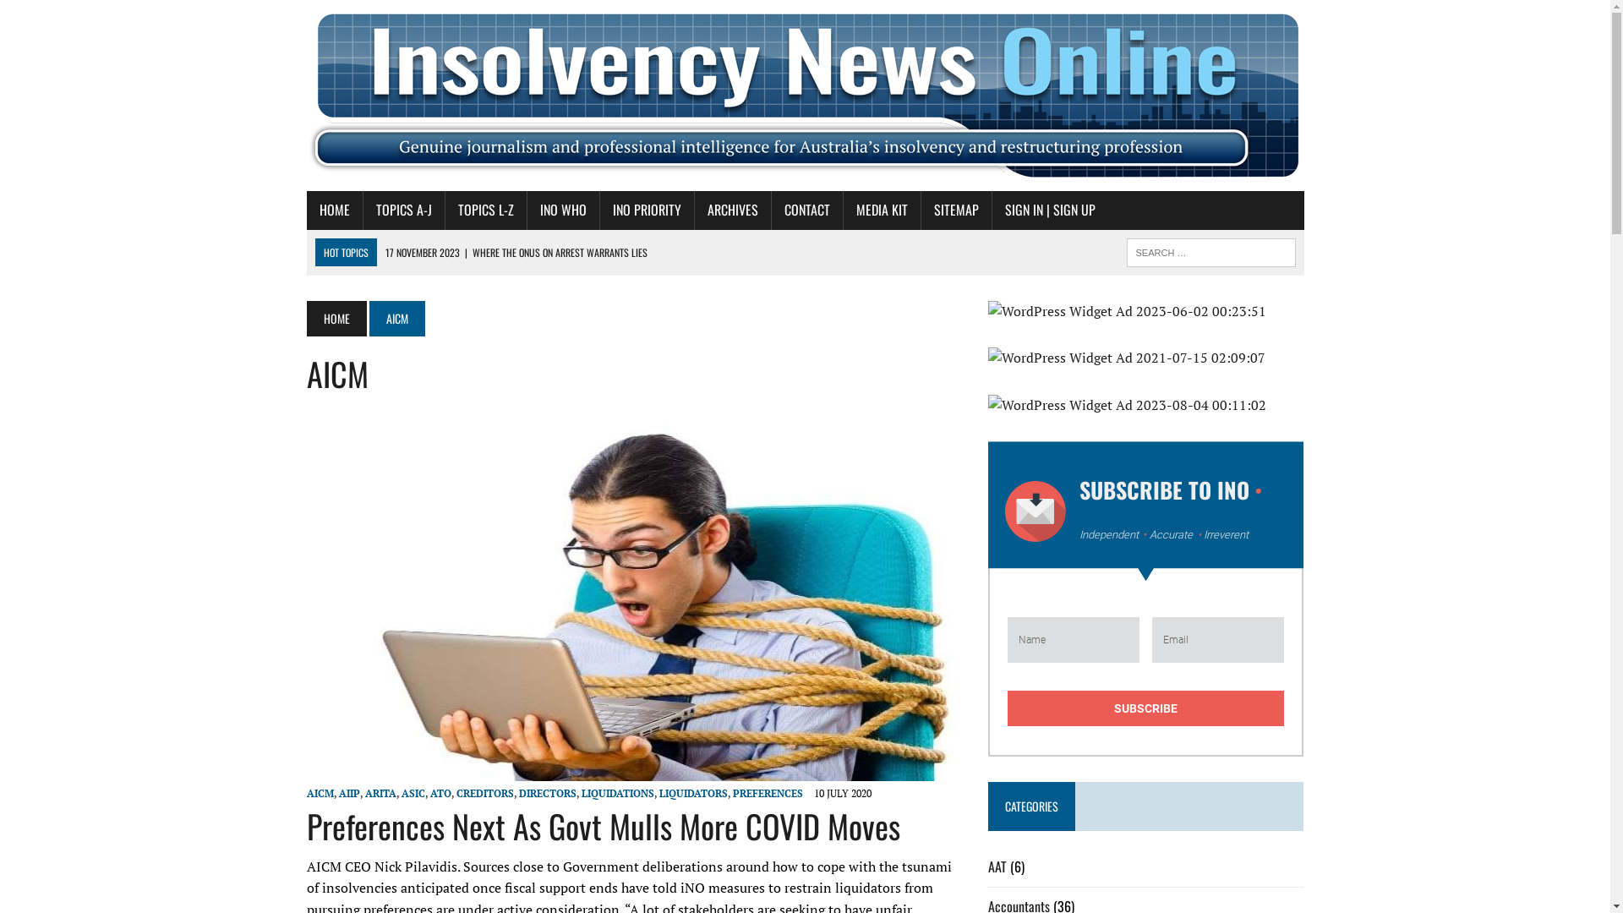 The height and width of the screenshot is (913, 1623). I want to click on 'INO WHO', so click(563, 210).